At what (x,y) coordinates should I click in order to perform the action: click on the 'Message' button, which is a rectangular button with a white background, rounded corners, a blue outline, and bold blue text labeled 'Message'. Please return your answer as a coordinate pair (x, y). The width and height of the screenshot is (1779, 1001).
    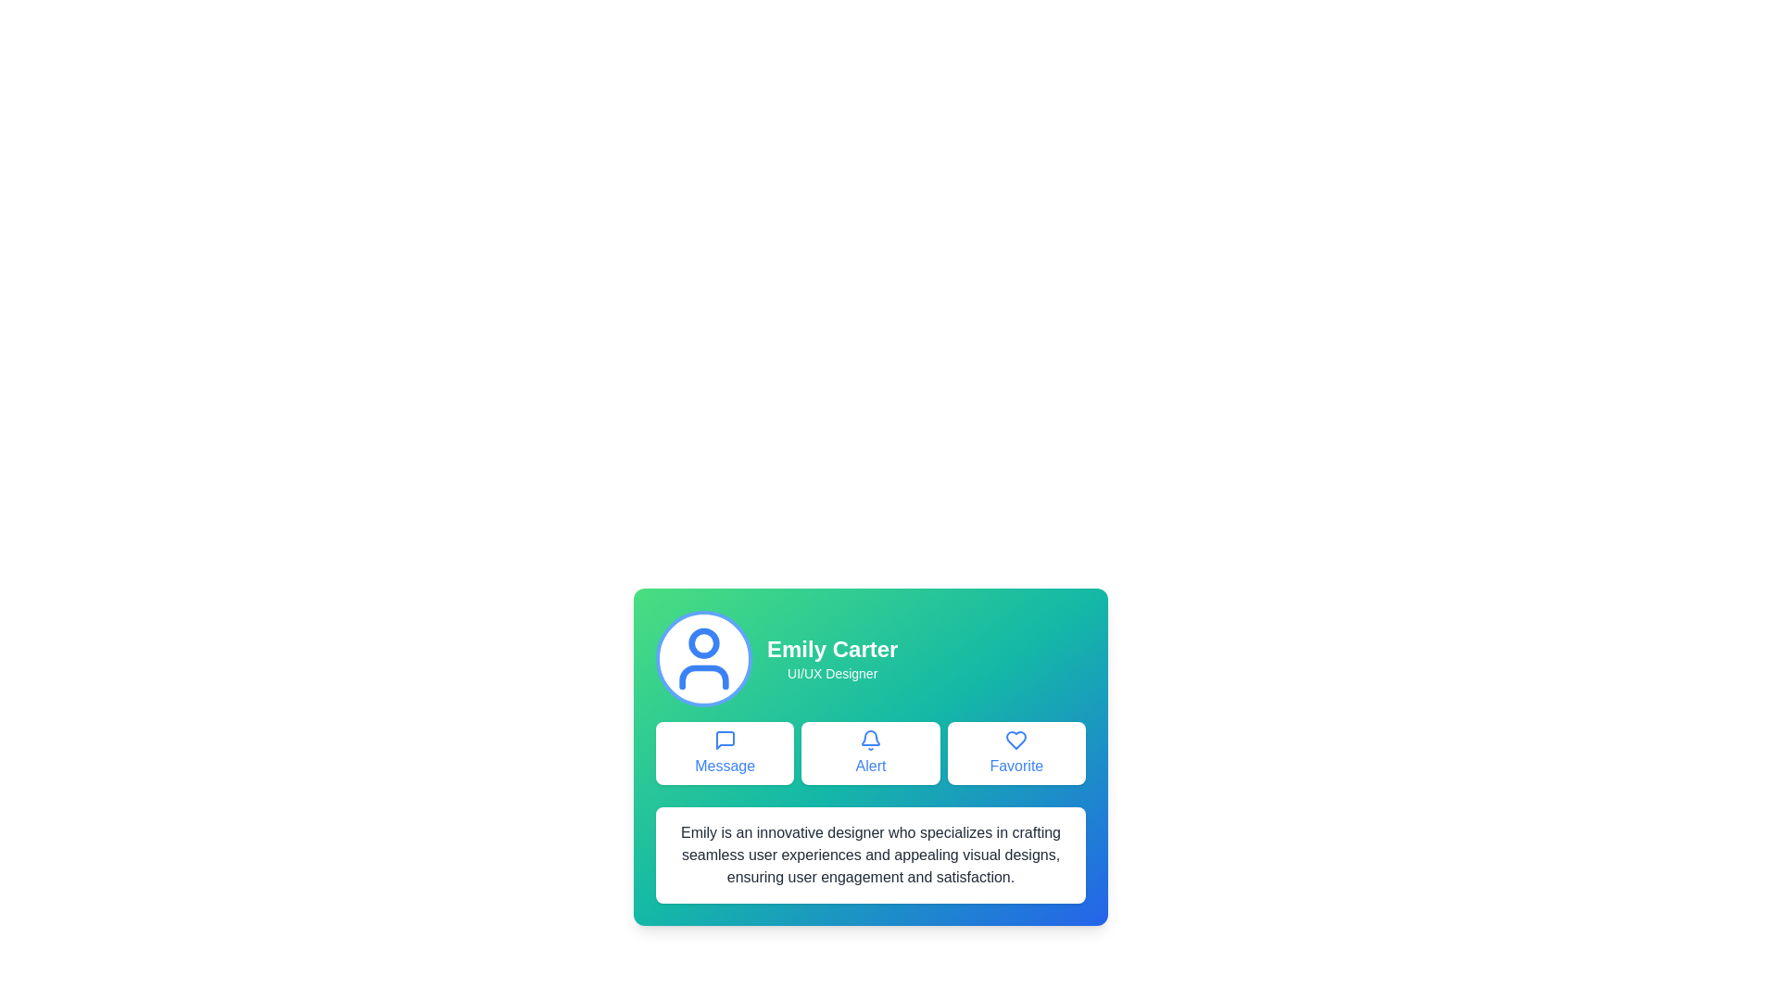
    Looking at the image, I should click on (724, 754).